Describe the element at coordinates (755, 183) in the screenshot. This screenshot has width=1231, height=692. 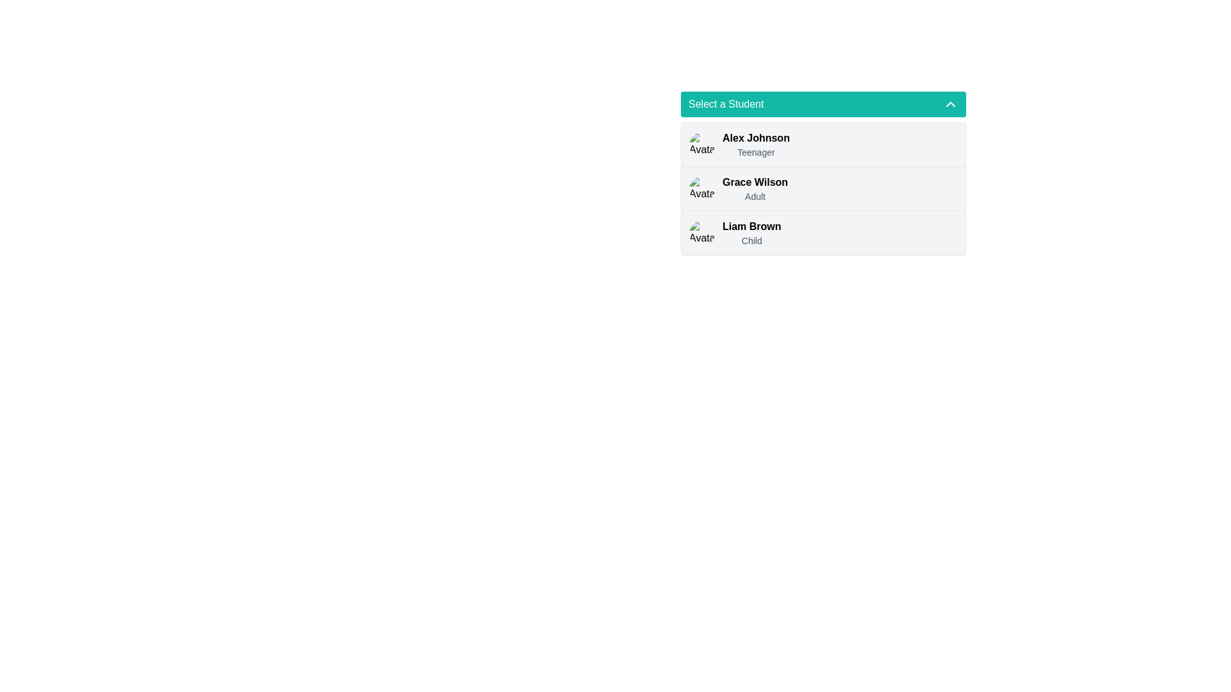
I see `the static text label 'Grace Wilson' in the selection list` at that location.